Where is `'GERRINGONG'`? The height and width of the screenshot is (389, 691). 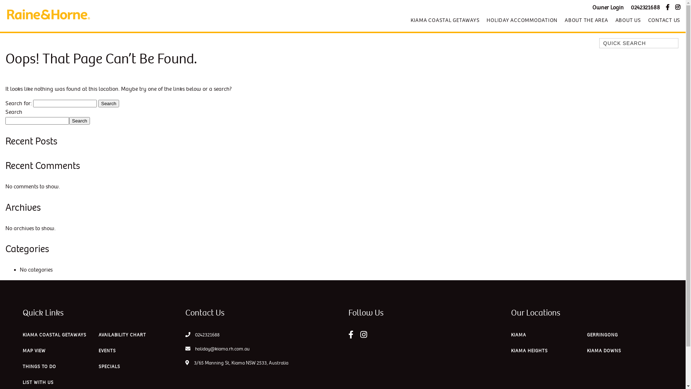 'GERRINGONG' is located at coordinates (602, 336).